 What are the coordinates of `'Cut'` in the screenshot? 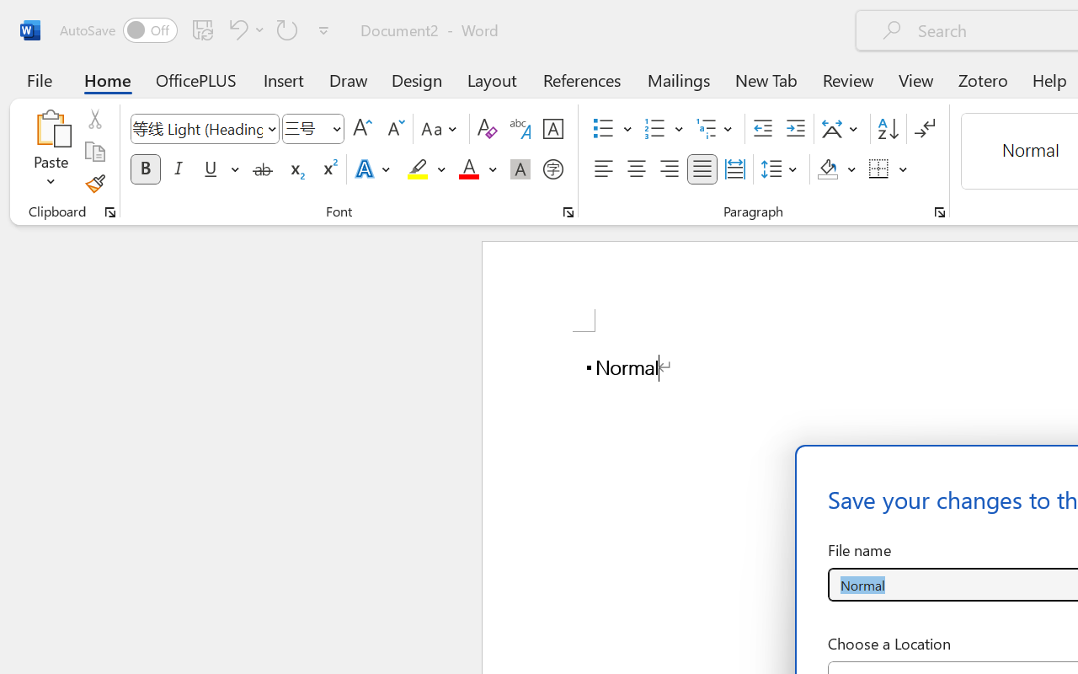 It's located at (93, 119).